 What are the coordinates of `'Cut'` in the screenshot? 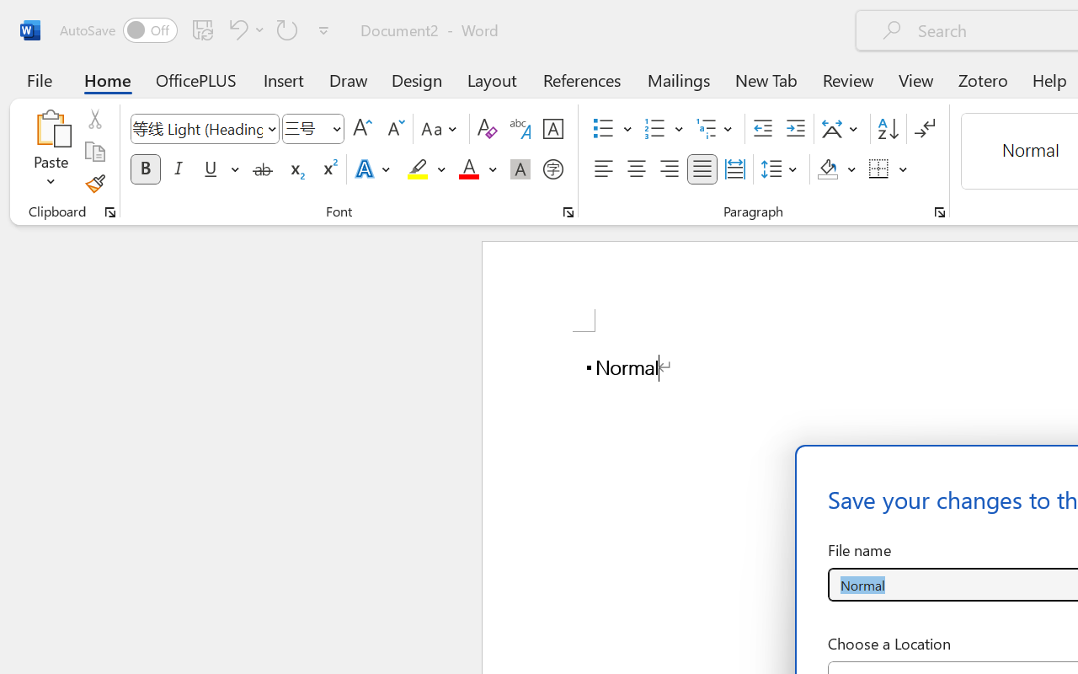 It's located at (93, 119).